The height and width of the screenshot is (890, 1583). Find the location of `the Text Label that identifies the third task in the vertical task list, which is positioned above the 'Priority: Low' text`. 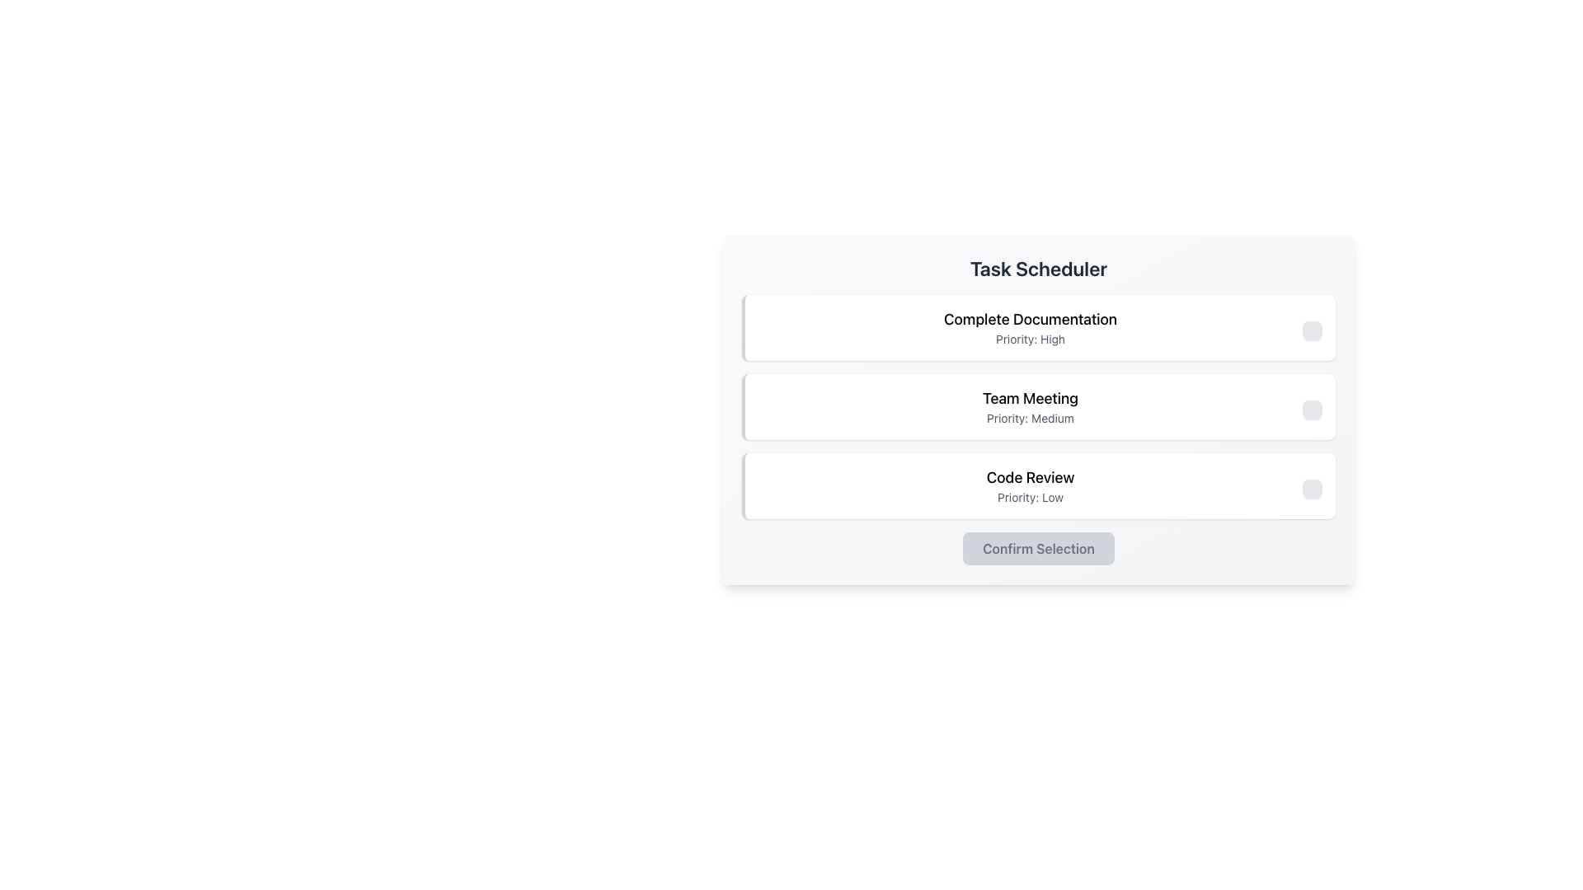

the Text Label that identifies the third task in the vertical task list, which is positioned above the 'Priority: Low' text is located at coordinates (1029, 477).